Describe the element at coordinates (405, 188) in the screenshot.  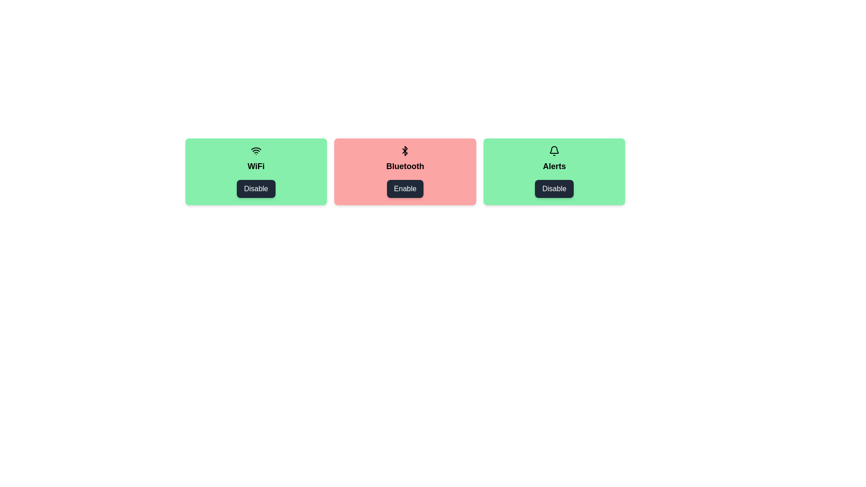
I see `the item labeled Bluetooth by clicking its button` at that location.